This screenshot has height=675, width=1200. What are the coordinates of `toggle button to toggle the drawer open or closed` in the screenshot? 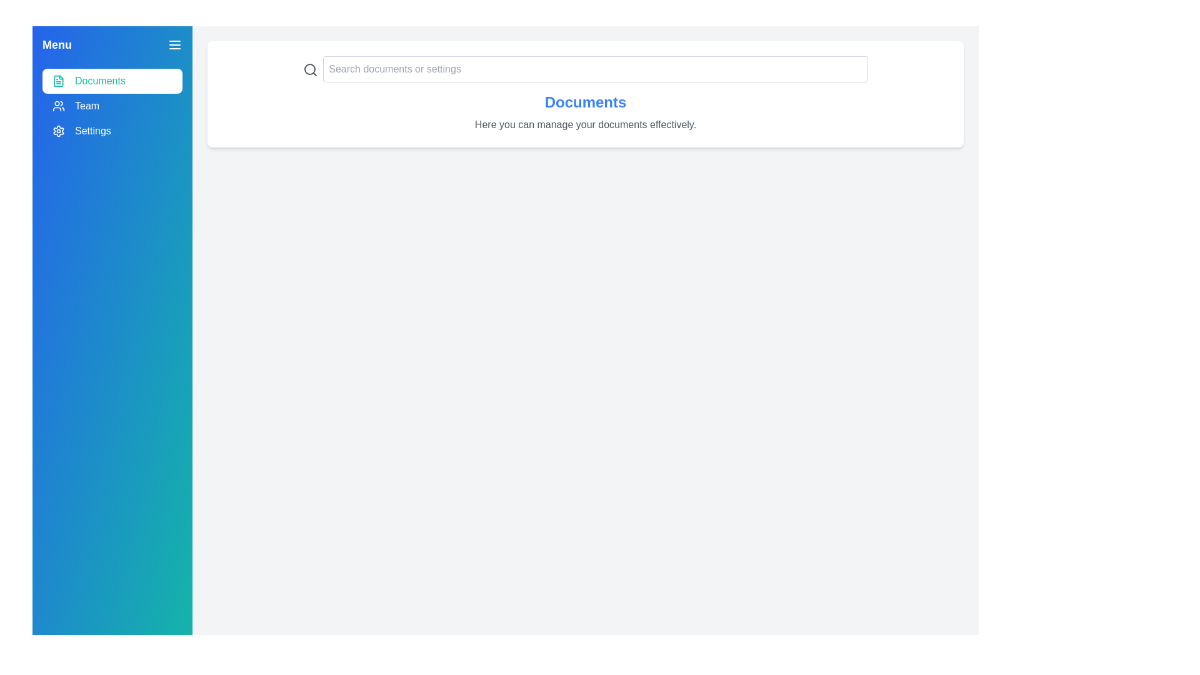 It's located at (174, 44).